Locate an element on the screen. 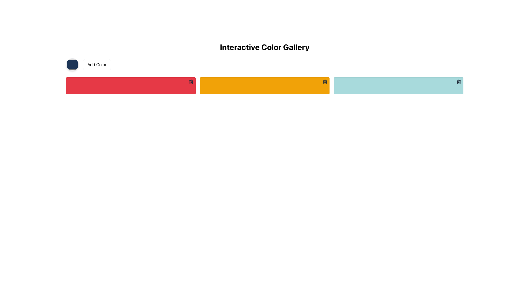  the delete icon styled as a trash can in the top-right corner of the bright orange box is located at coordinates (324, 82).